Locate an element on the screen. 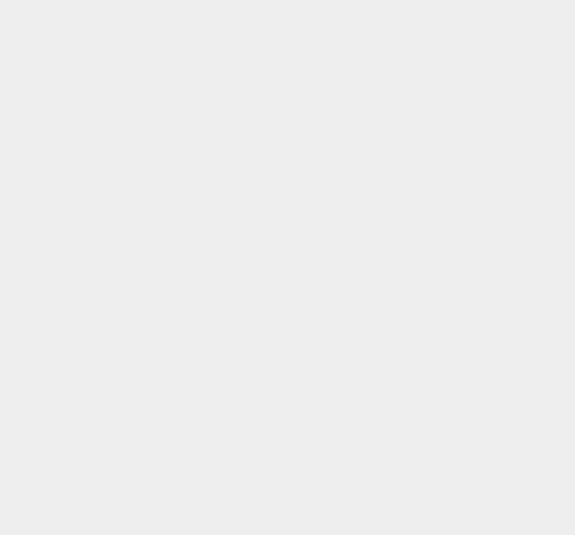  'LCD' is located at coordinates (406, 240).